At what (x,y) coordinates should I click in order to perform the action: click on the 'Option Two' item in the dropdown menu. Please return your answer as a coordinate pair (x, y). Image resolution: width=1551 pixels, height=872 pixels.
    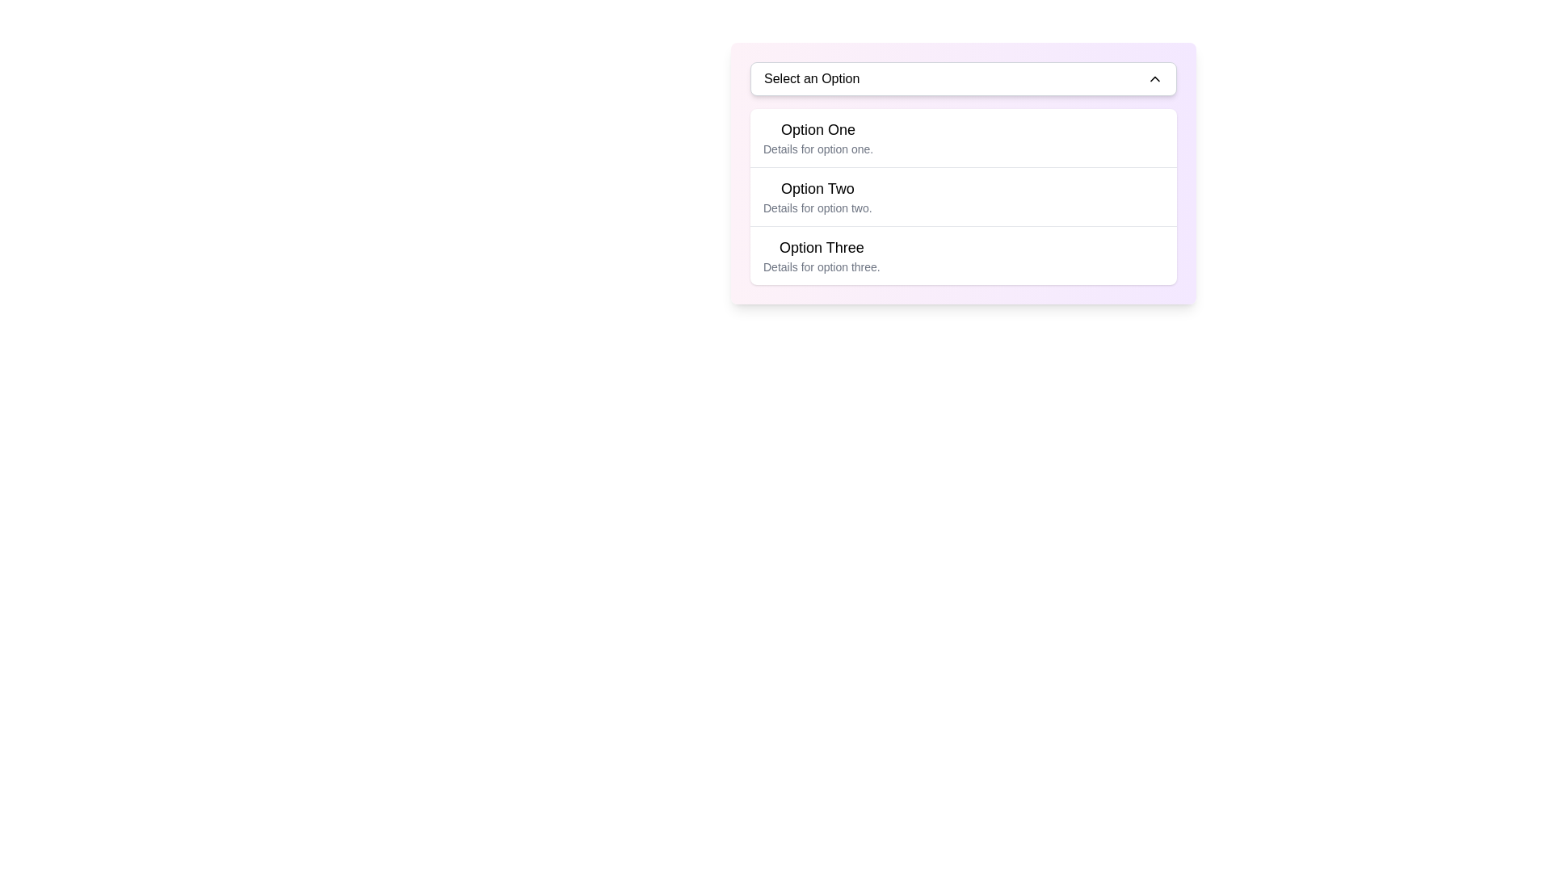
    Looking at the image, I should click on (964, 174).